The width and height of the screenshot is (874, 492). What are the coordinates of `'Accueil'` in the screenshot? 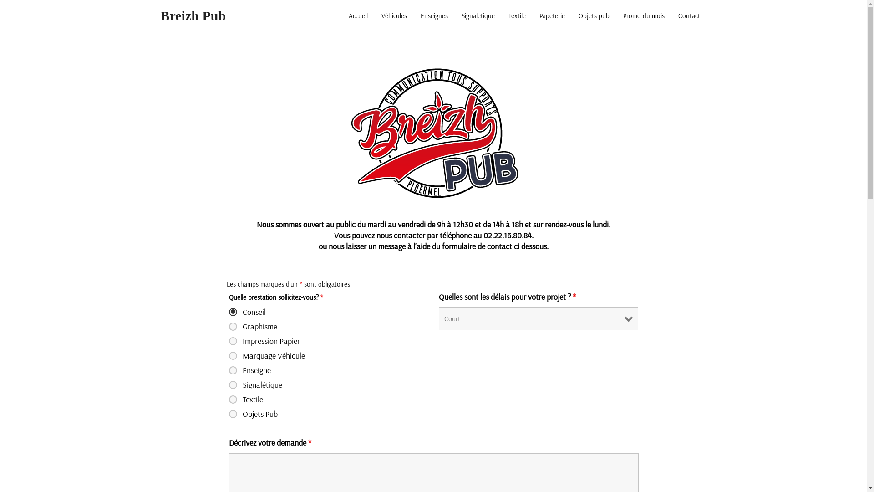 It's located at (357, 15).